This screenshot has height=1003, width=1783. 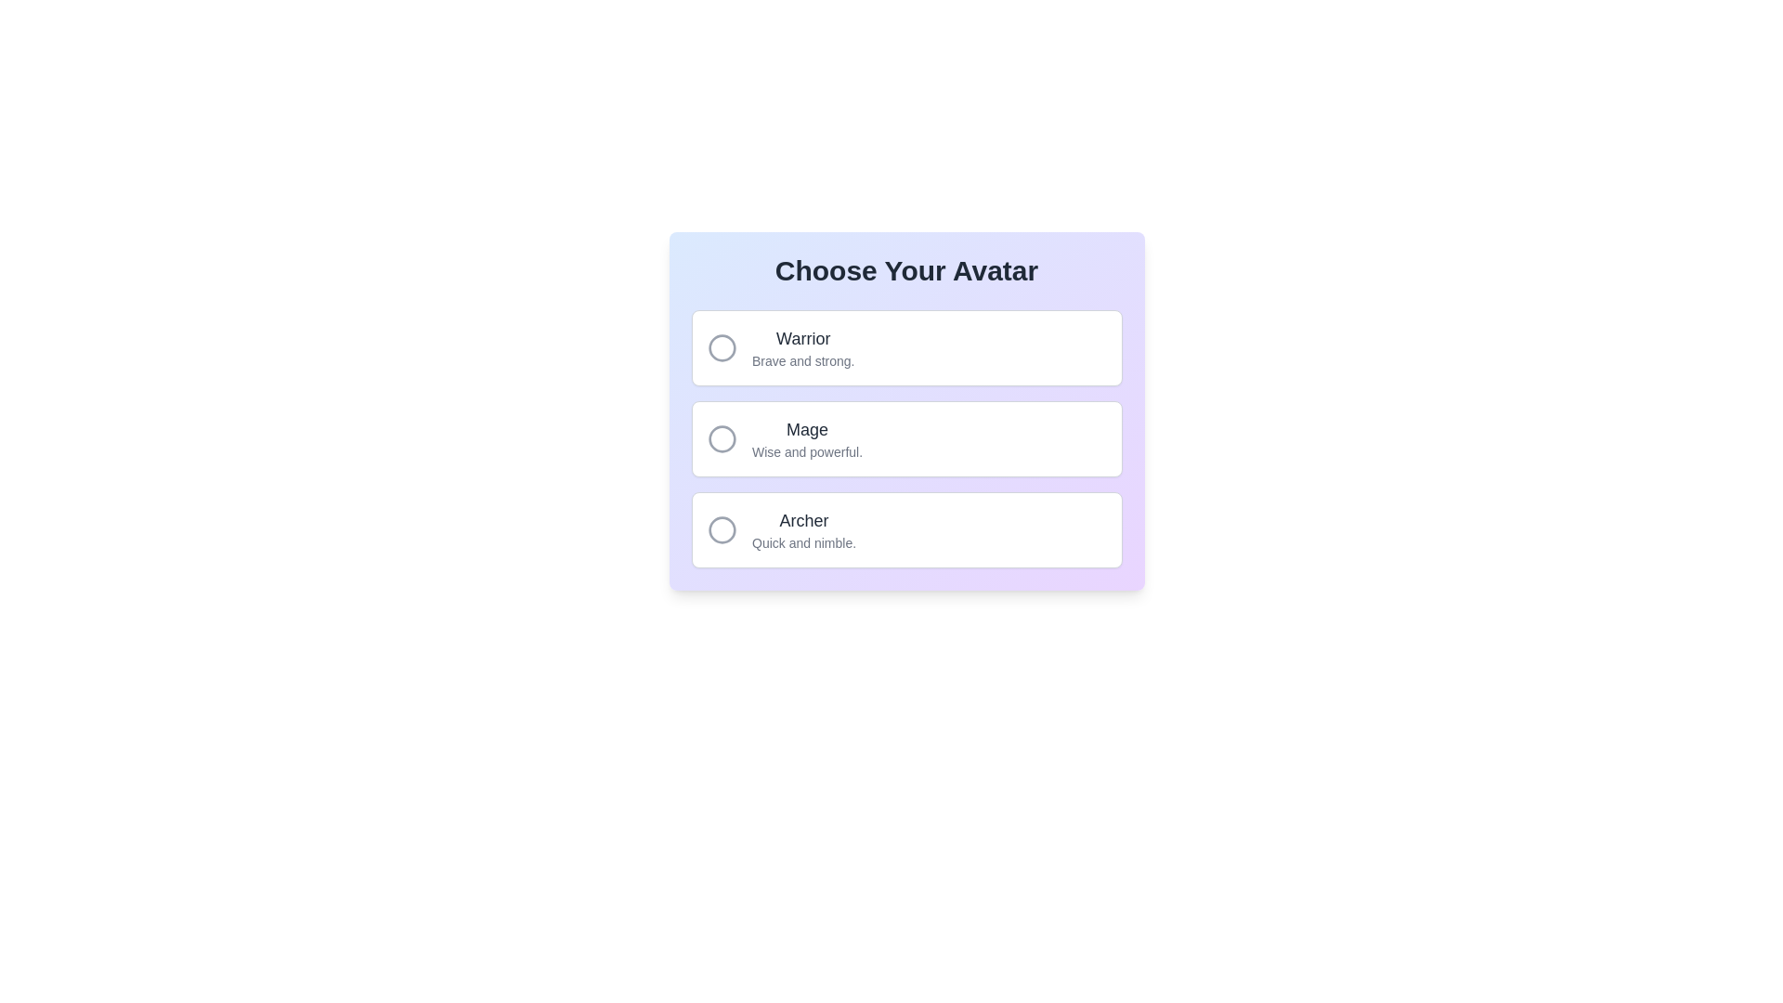 I want to click on the descriptive subtitle text label for the 'Warrior' option located below the 'Warrior' text in the 'Choose Your Avatar' list, so click(x=802, y=361).